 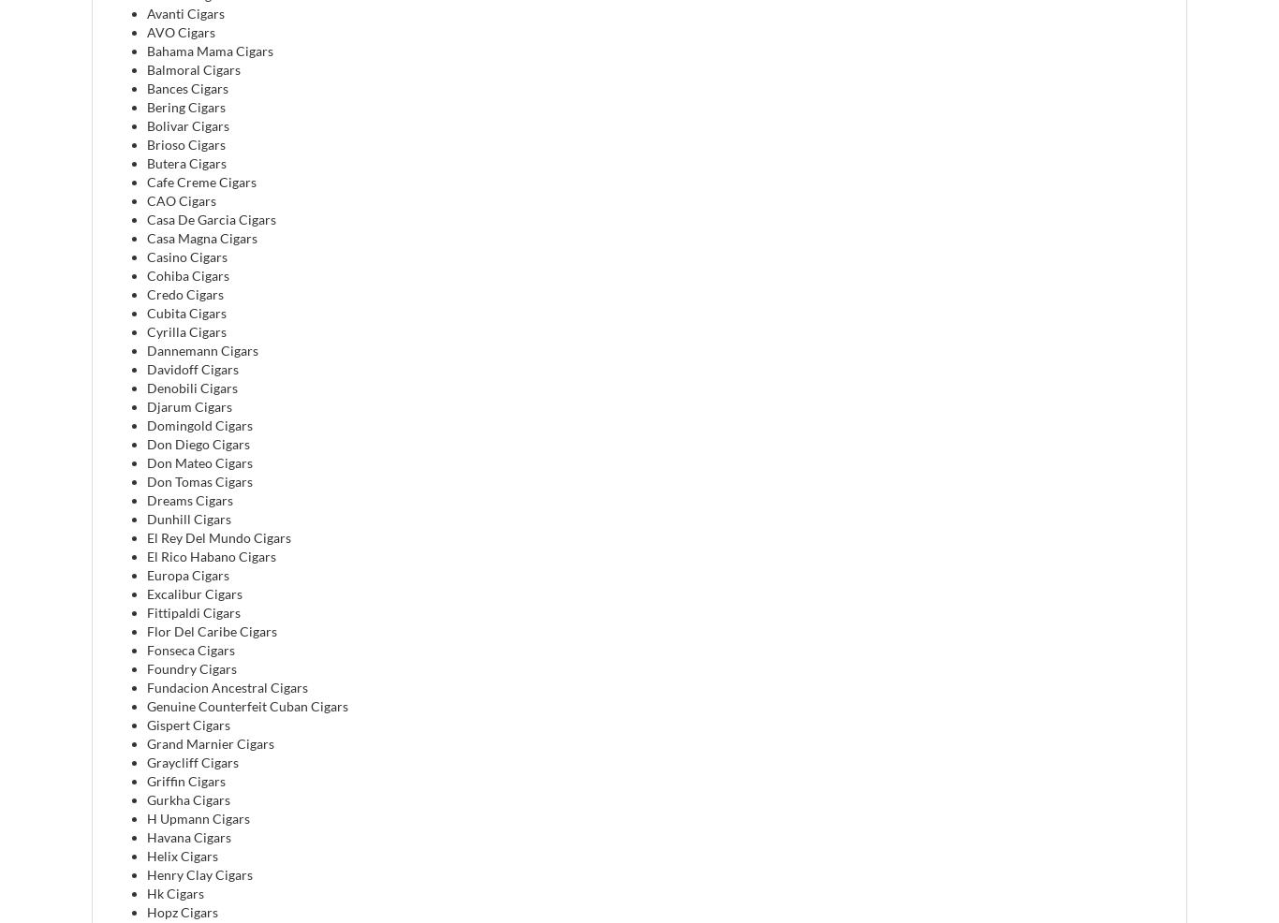 I want to click on 'Helix Cigars', so click(x=182, y=855).